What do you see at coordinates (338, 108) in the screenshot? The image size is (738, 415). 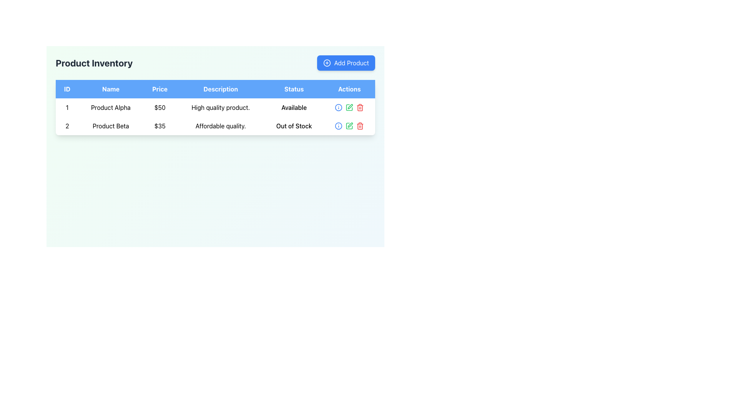 I see `the Icon Button located in the 'Actions' column of the second row of the 'Product Inventory' table, which is positioned to the left of the green pencil icon and red trash icon` at bounding box center [338, 108].